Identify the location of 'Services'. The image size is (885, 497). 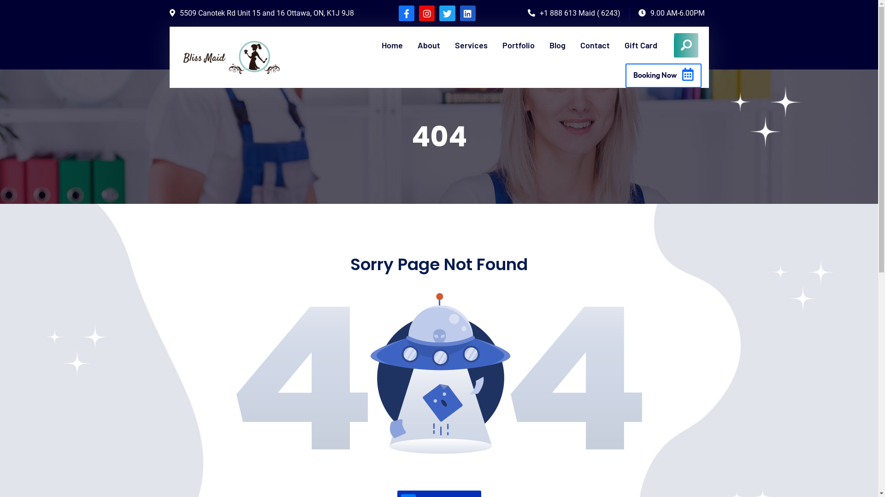
(471, 45).